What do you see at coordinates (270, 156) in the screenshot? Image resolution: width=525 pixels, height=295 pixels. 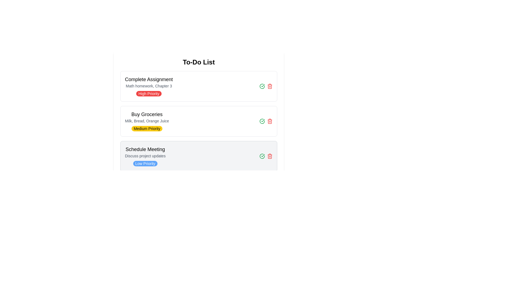 I see `the red trash can icon located at the far-right of the to-do list item` at bounding box center [270, 156].